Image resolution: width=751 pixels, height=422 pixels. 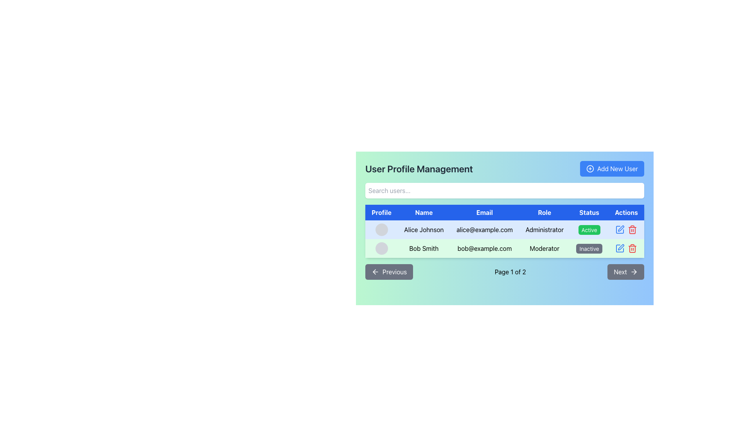 I want to click on the rectangular, rounded label displaying the text 'Active' with a solid green background and white text, located in the 'Status' column of the user profile management table for user 'Alice Johnson', so click(x=589, y=229).